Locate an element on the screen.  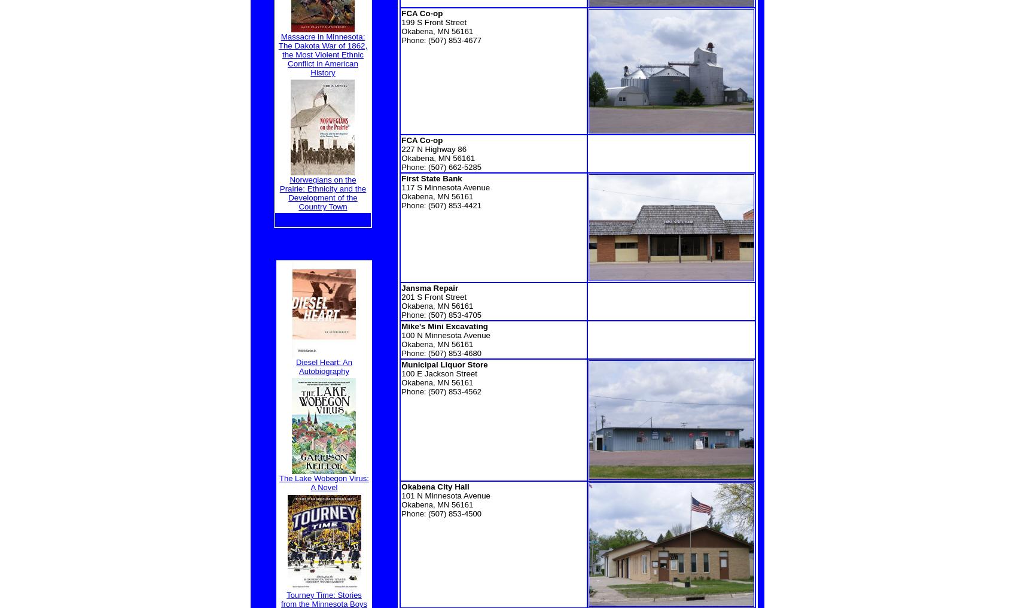
'Okabena City Hall' is located at coordinates (434, 486).